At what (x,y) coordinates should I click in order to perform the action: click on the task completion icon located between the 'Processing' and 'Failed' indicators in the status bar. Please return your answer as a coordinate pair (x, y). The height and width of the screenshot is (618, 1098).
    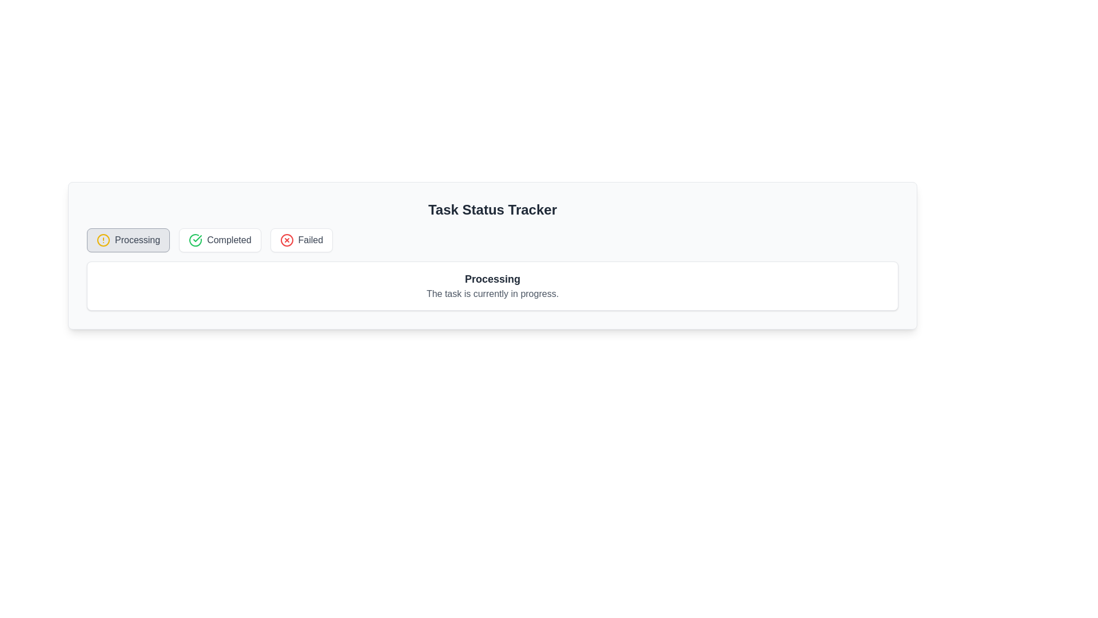
    Looking at the image, I should click on (196, 240).